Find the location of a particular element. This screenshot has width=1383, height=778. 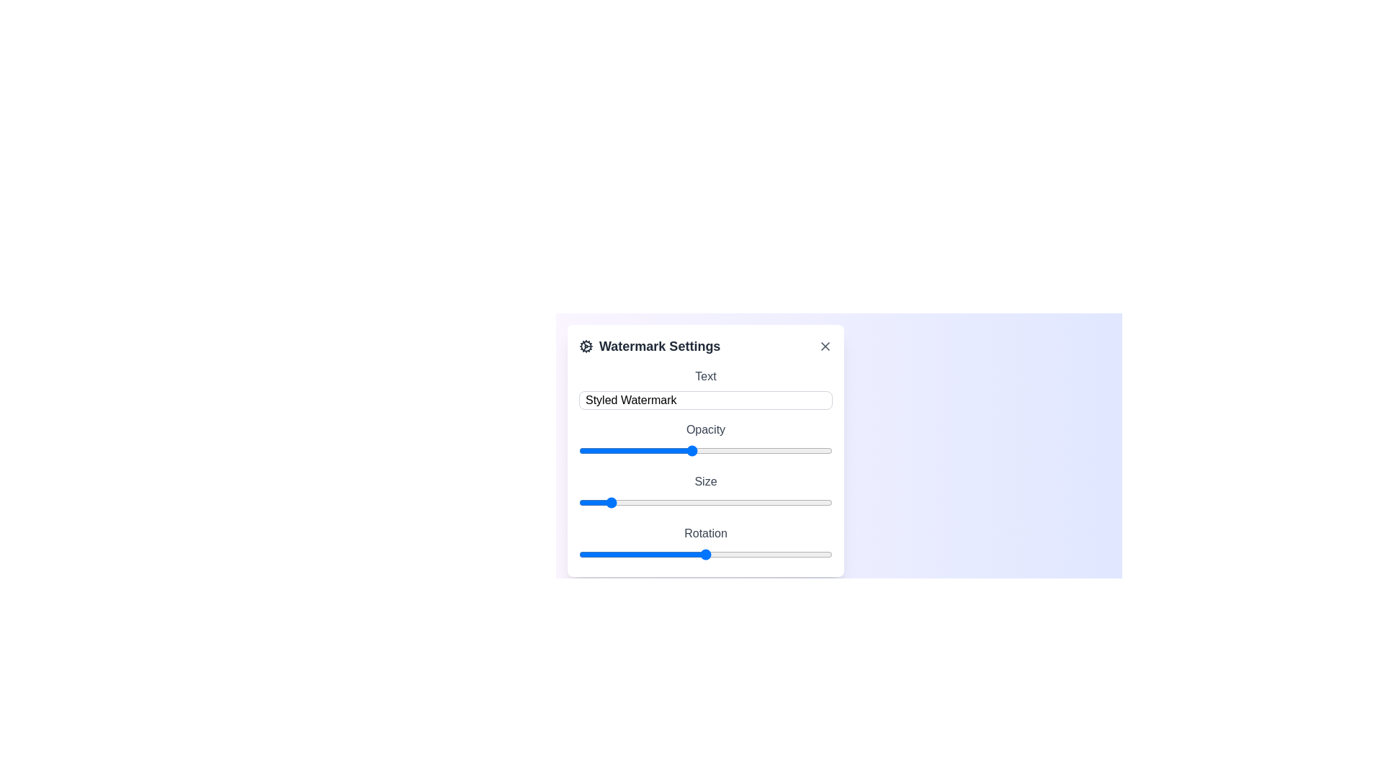

the size is located at coordinates (614, 502).